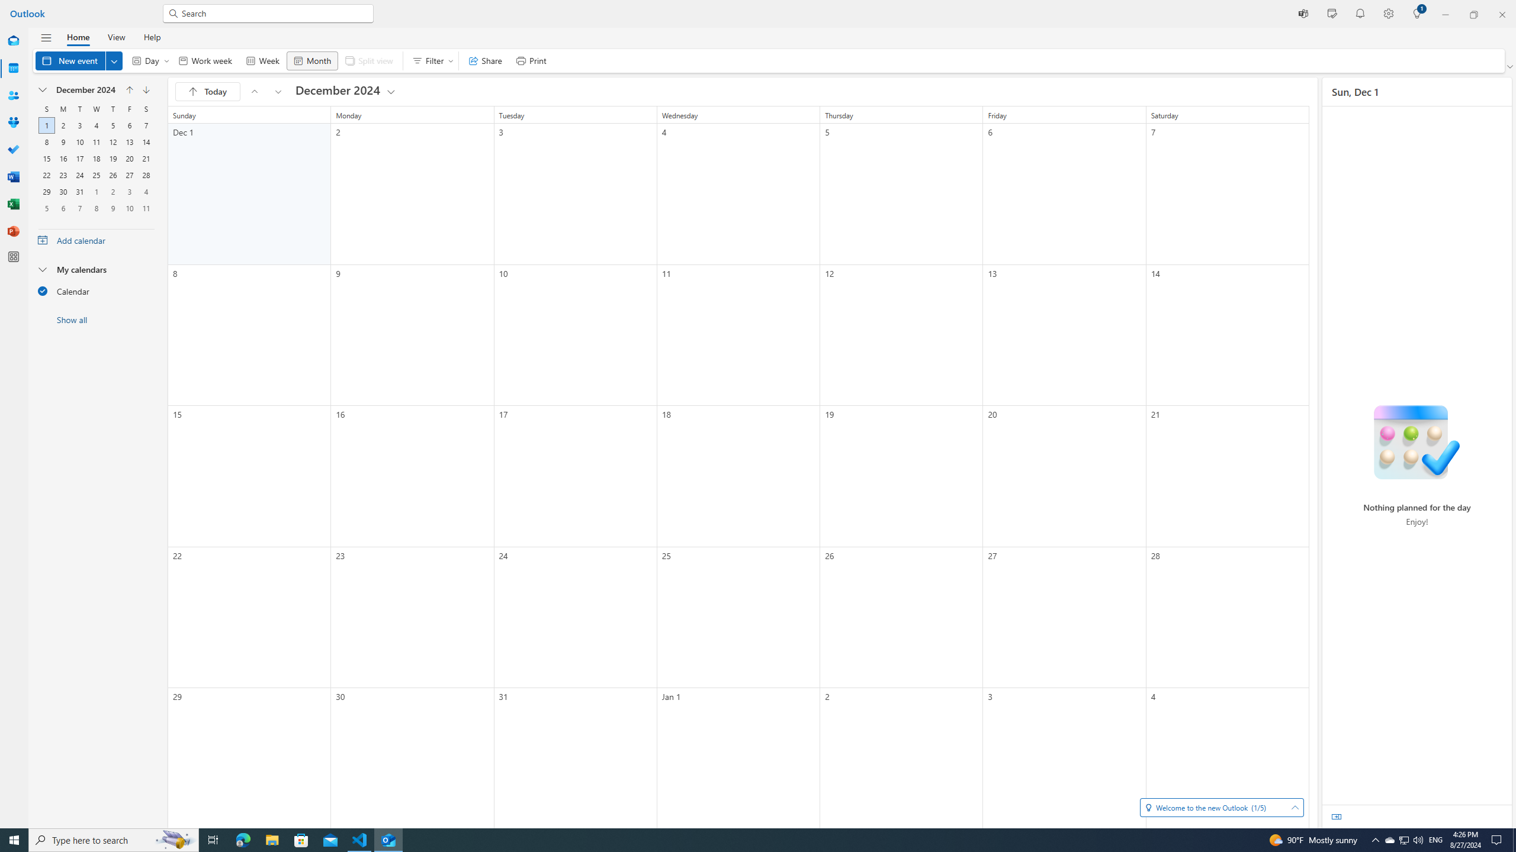 The width and height of the screenshot is (1516, 852). I want to click on 'Type here to search', so click(113, 839).